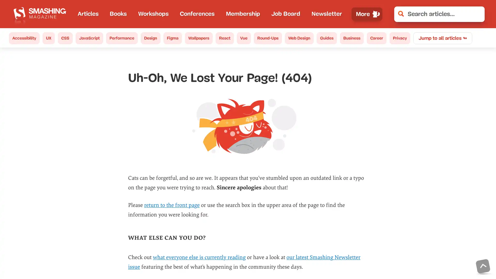  I want to click on Clear Search, so click(477, 14).